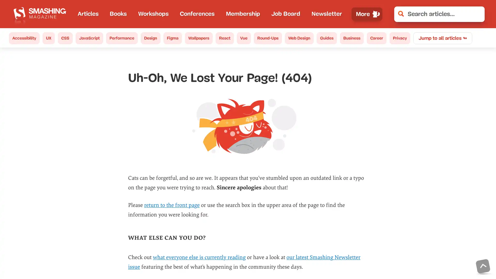  I want to click on Clear Search, so click(477, 14).